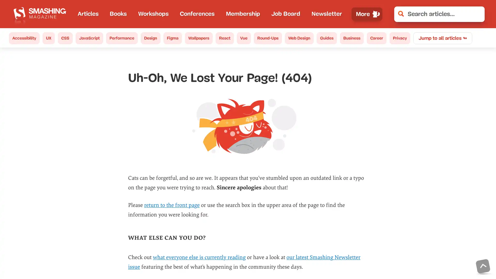  I want to click on Clear Search, so click(477, 14).